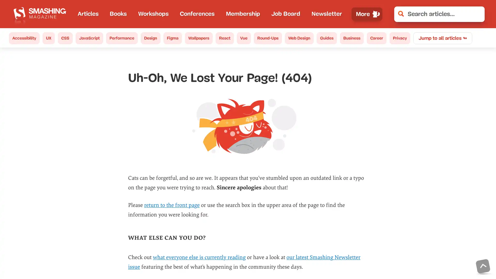  I want to click on Clear Search, so click(477, 14).